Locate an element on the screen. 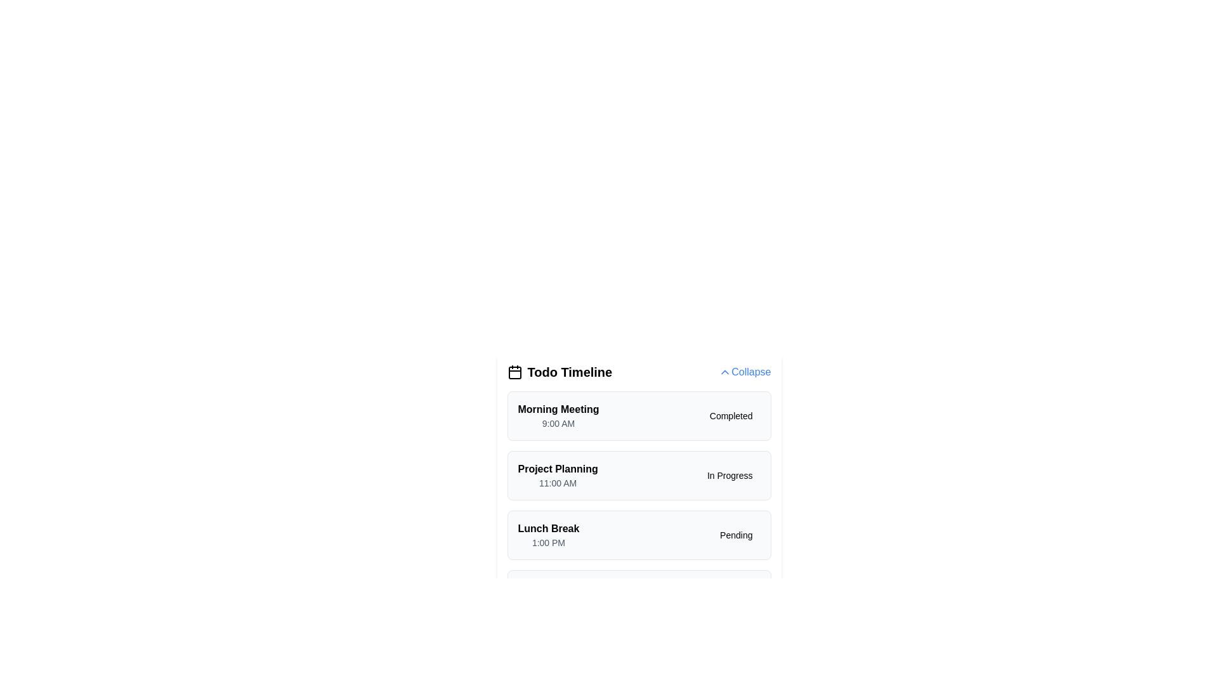  title text displayed in the Text Label for the 'Lunch Break - 1:00 PM' timeline entry, which is centrally located above the '1:00 PM' text is located at coordinates (548, 528).